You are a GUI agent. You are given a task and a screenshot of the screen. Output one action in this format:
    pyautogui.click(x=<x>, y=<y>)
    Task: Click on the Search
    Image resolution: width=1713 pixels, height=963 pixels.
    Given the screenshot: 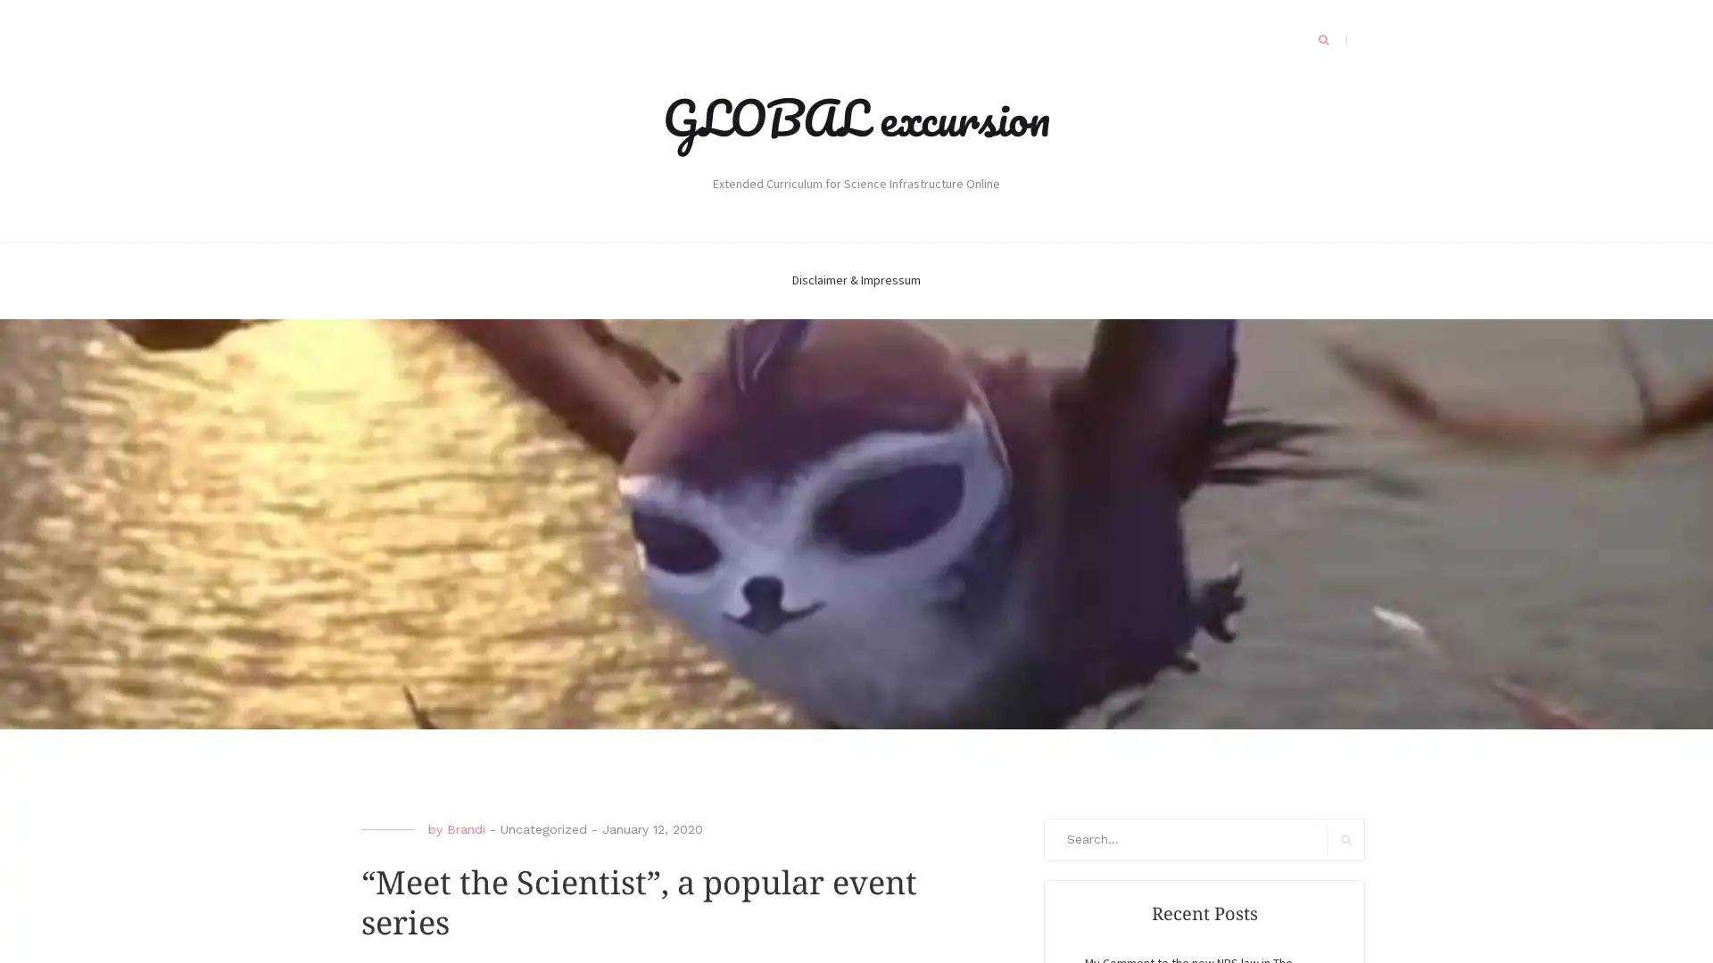 What is the action you would take?
    pyautogui.click(x=1345, y=839)
    